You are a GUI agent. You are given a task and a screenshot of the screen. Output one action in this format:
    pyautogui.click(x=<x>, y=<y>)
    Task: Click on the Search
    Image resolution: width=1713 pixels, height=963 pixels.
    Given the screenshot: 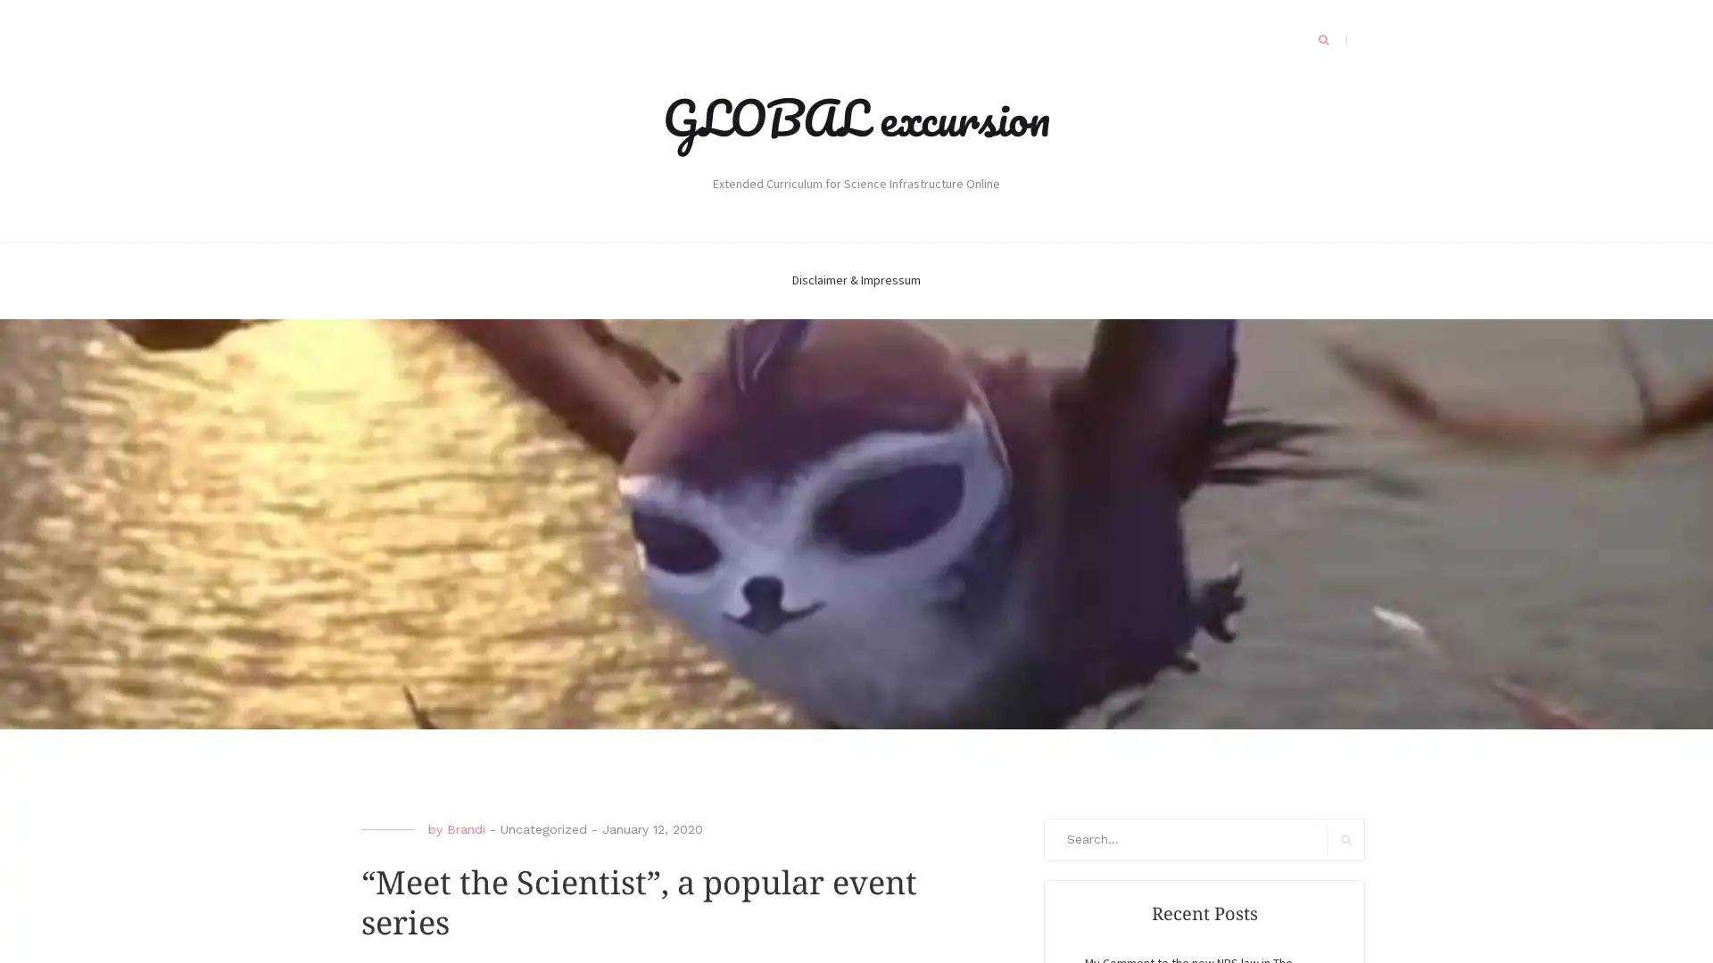 What is the action you would take?
    pyautogui.click(x=1345, y=839)
    